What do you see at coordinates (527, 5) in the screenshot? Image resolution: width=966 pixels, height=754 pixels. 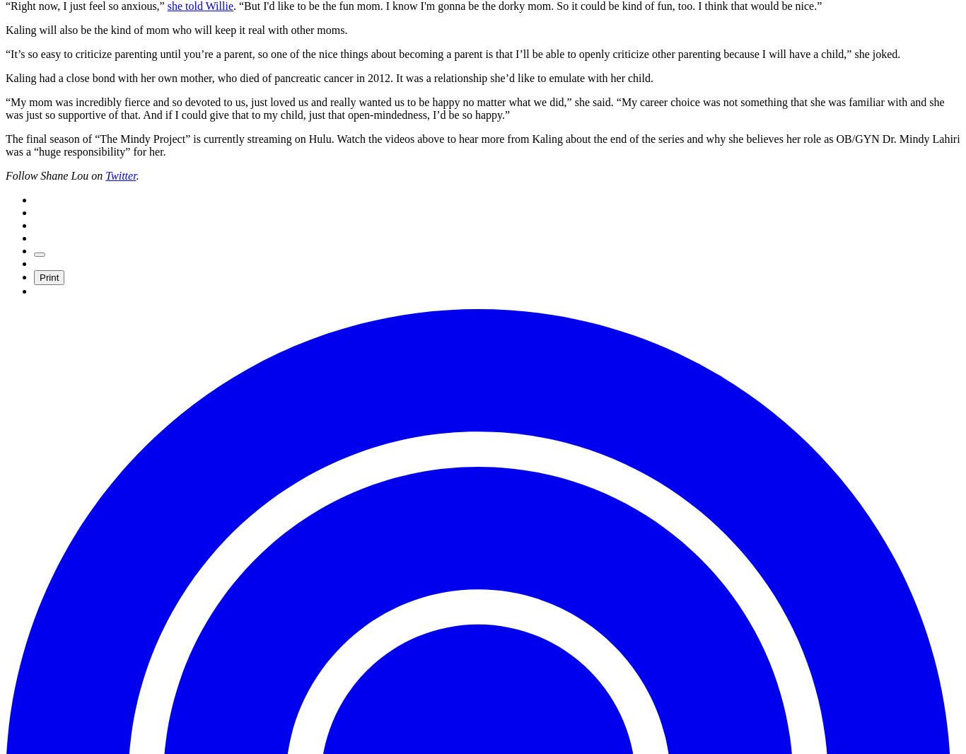 I see `'. “But I'd like to be the fun mom. I know I'm gonna be the dorky mom. So it could be kind of fun, too. I think that would be nice.”'` at bounding box center [527, 5].